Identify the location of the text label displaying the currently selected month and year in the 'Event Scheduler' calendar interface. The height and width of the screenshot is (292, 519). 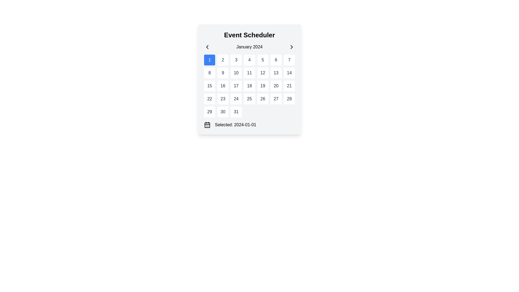
(249, 47).